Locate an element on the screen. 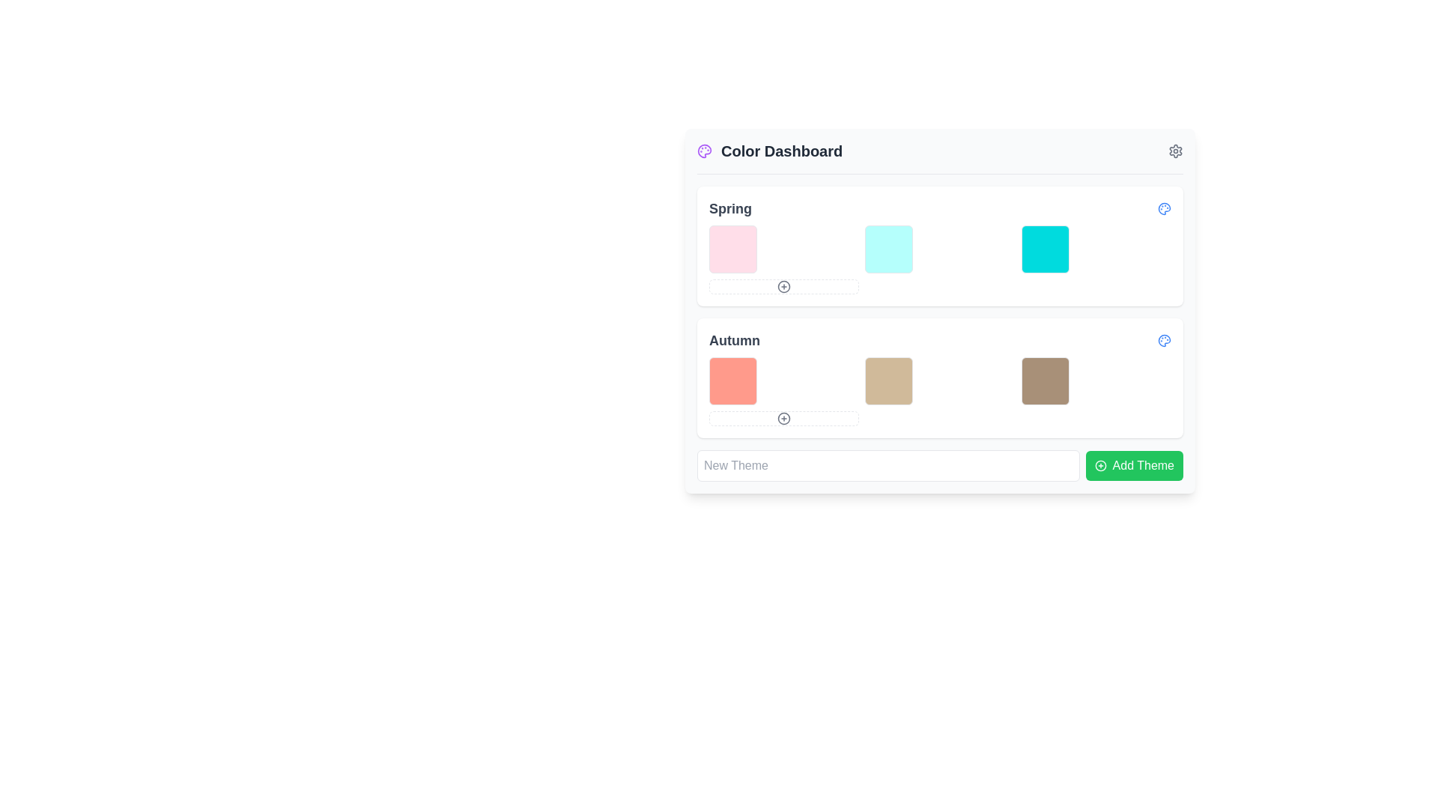  the 'Add' buttons located within the 'Spring' and 'Autumn' color groups is located at coordinates (939, 311).